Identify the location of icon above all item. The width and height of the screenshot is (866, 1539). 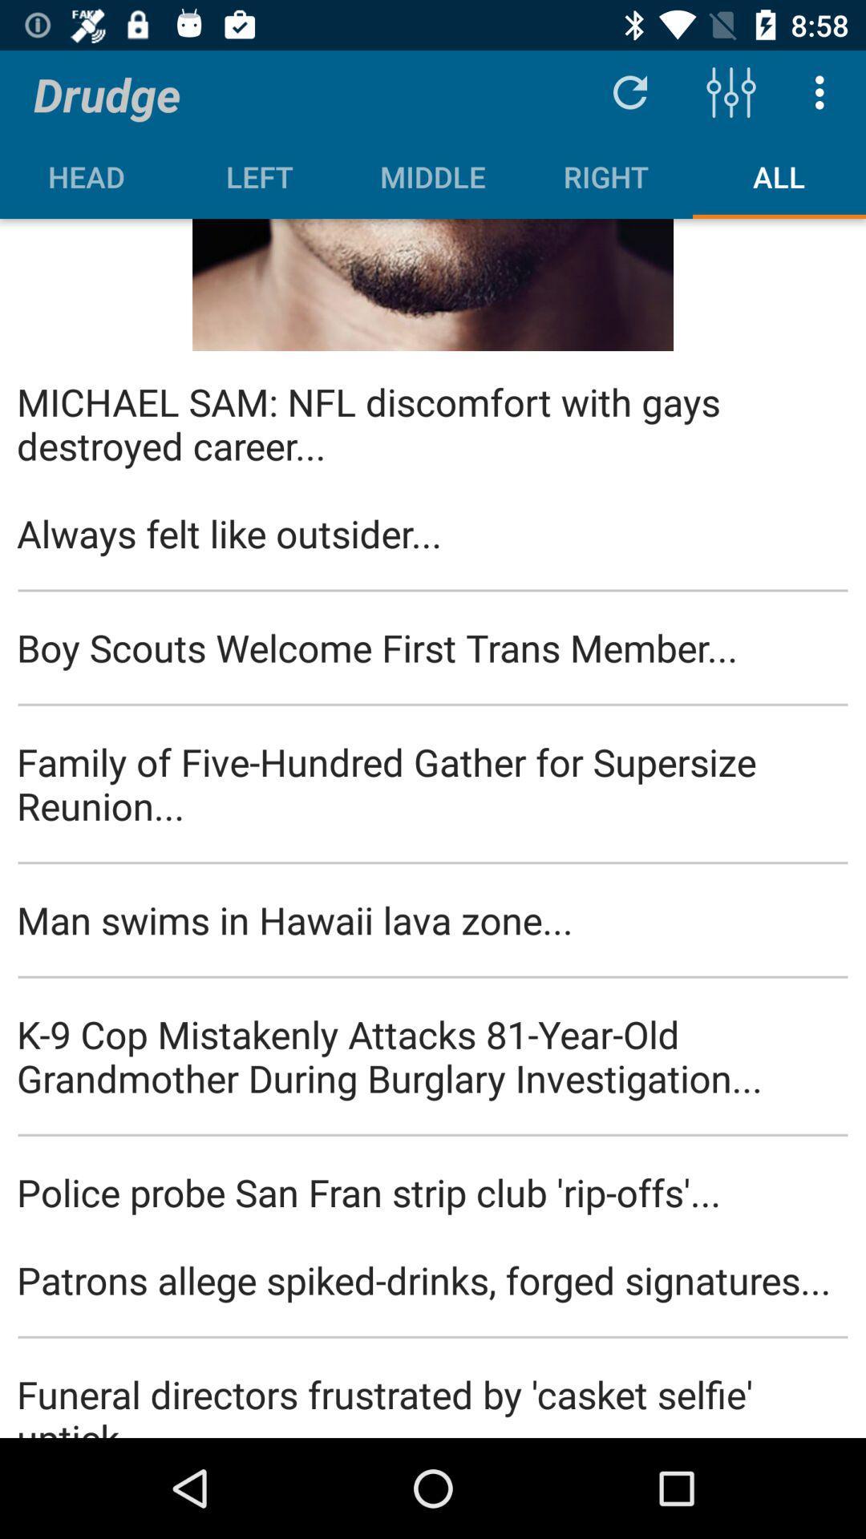
(730, 91).